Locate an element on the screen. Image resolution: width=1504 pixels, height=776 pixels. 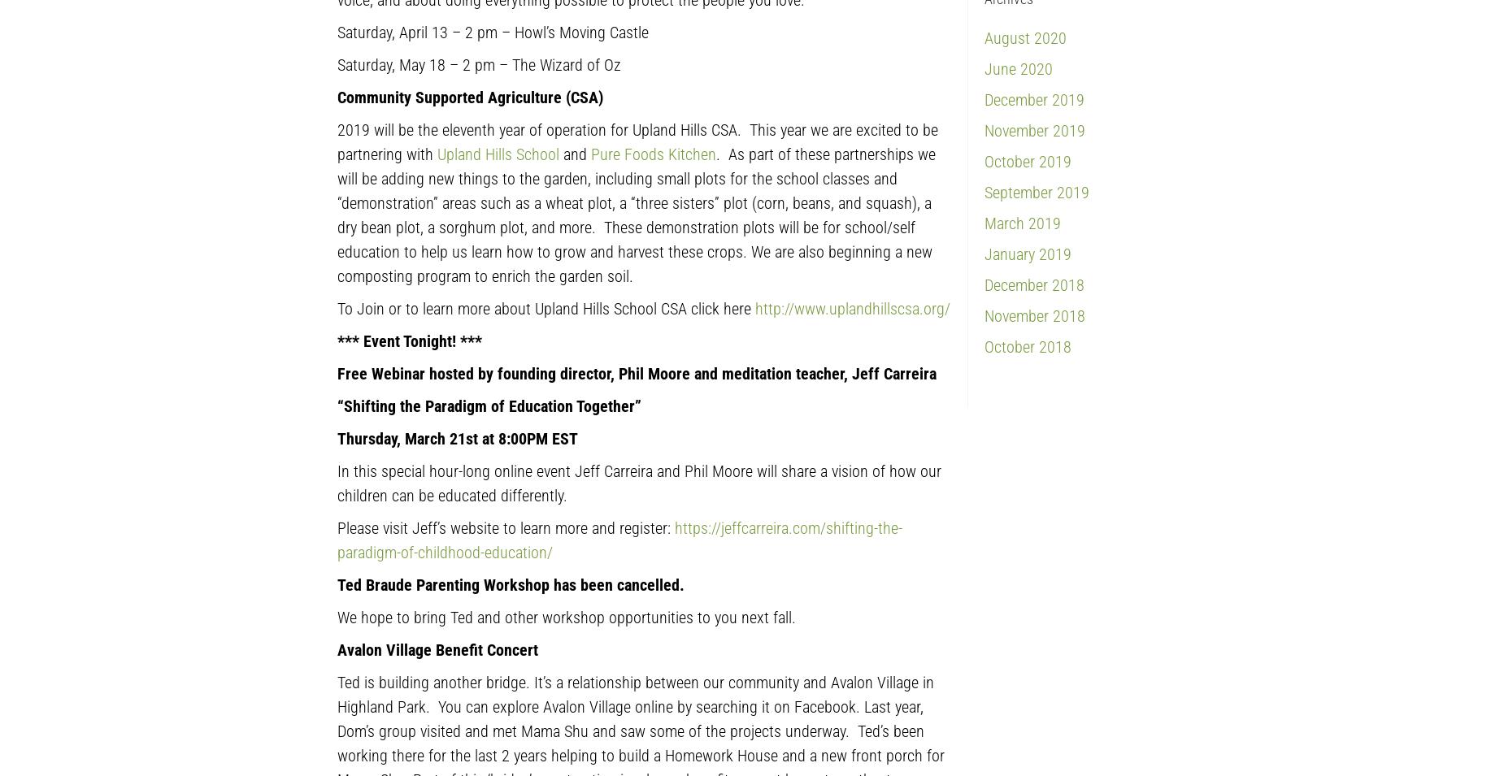
'Please visit Jeff’s website to learn more and register:' is located at coordinates (506, 527).